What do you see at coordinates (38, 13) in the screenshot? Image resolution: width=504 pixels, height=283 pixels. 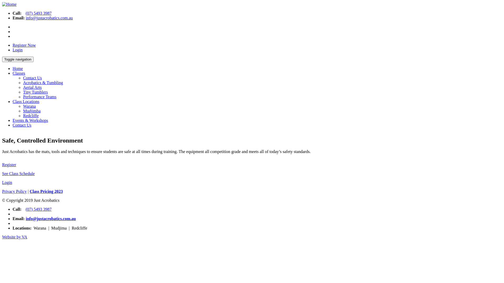 I see `'(07) 5493 3987'` at bounding box center [38, 13].